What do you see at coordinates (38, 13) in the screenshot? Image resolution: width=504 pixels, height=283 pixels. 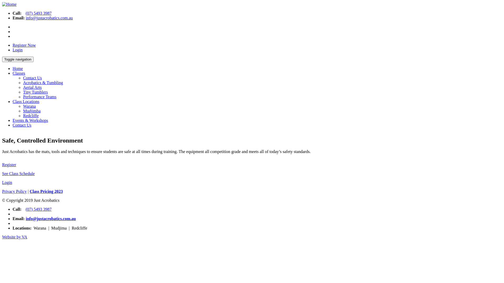 I see `'(07) 5493 3987'` at bounding box center [38, 13].